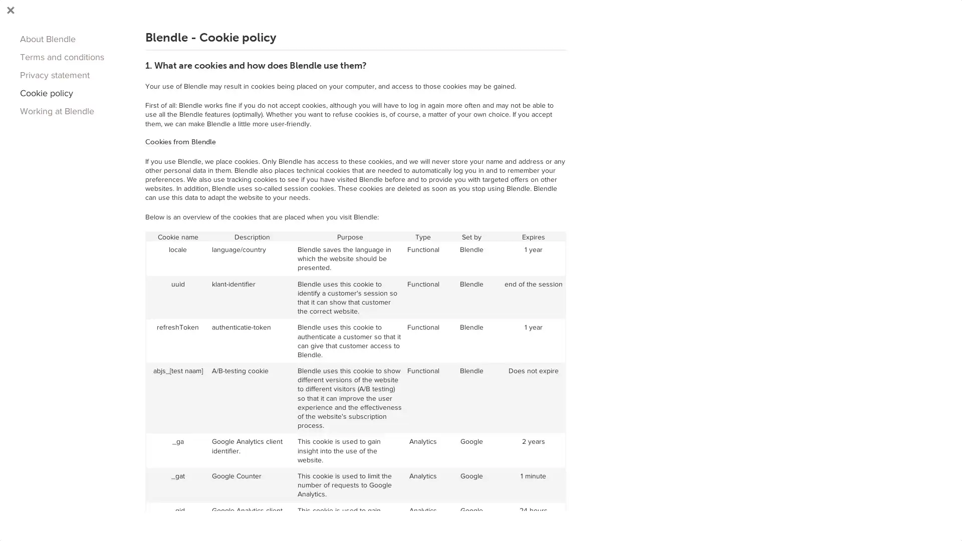 This screenshot has width=962, height=541. Describe the element at coordinates (711, 515) in the screenshot. I see `Let's not` at that location.